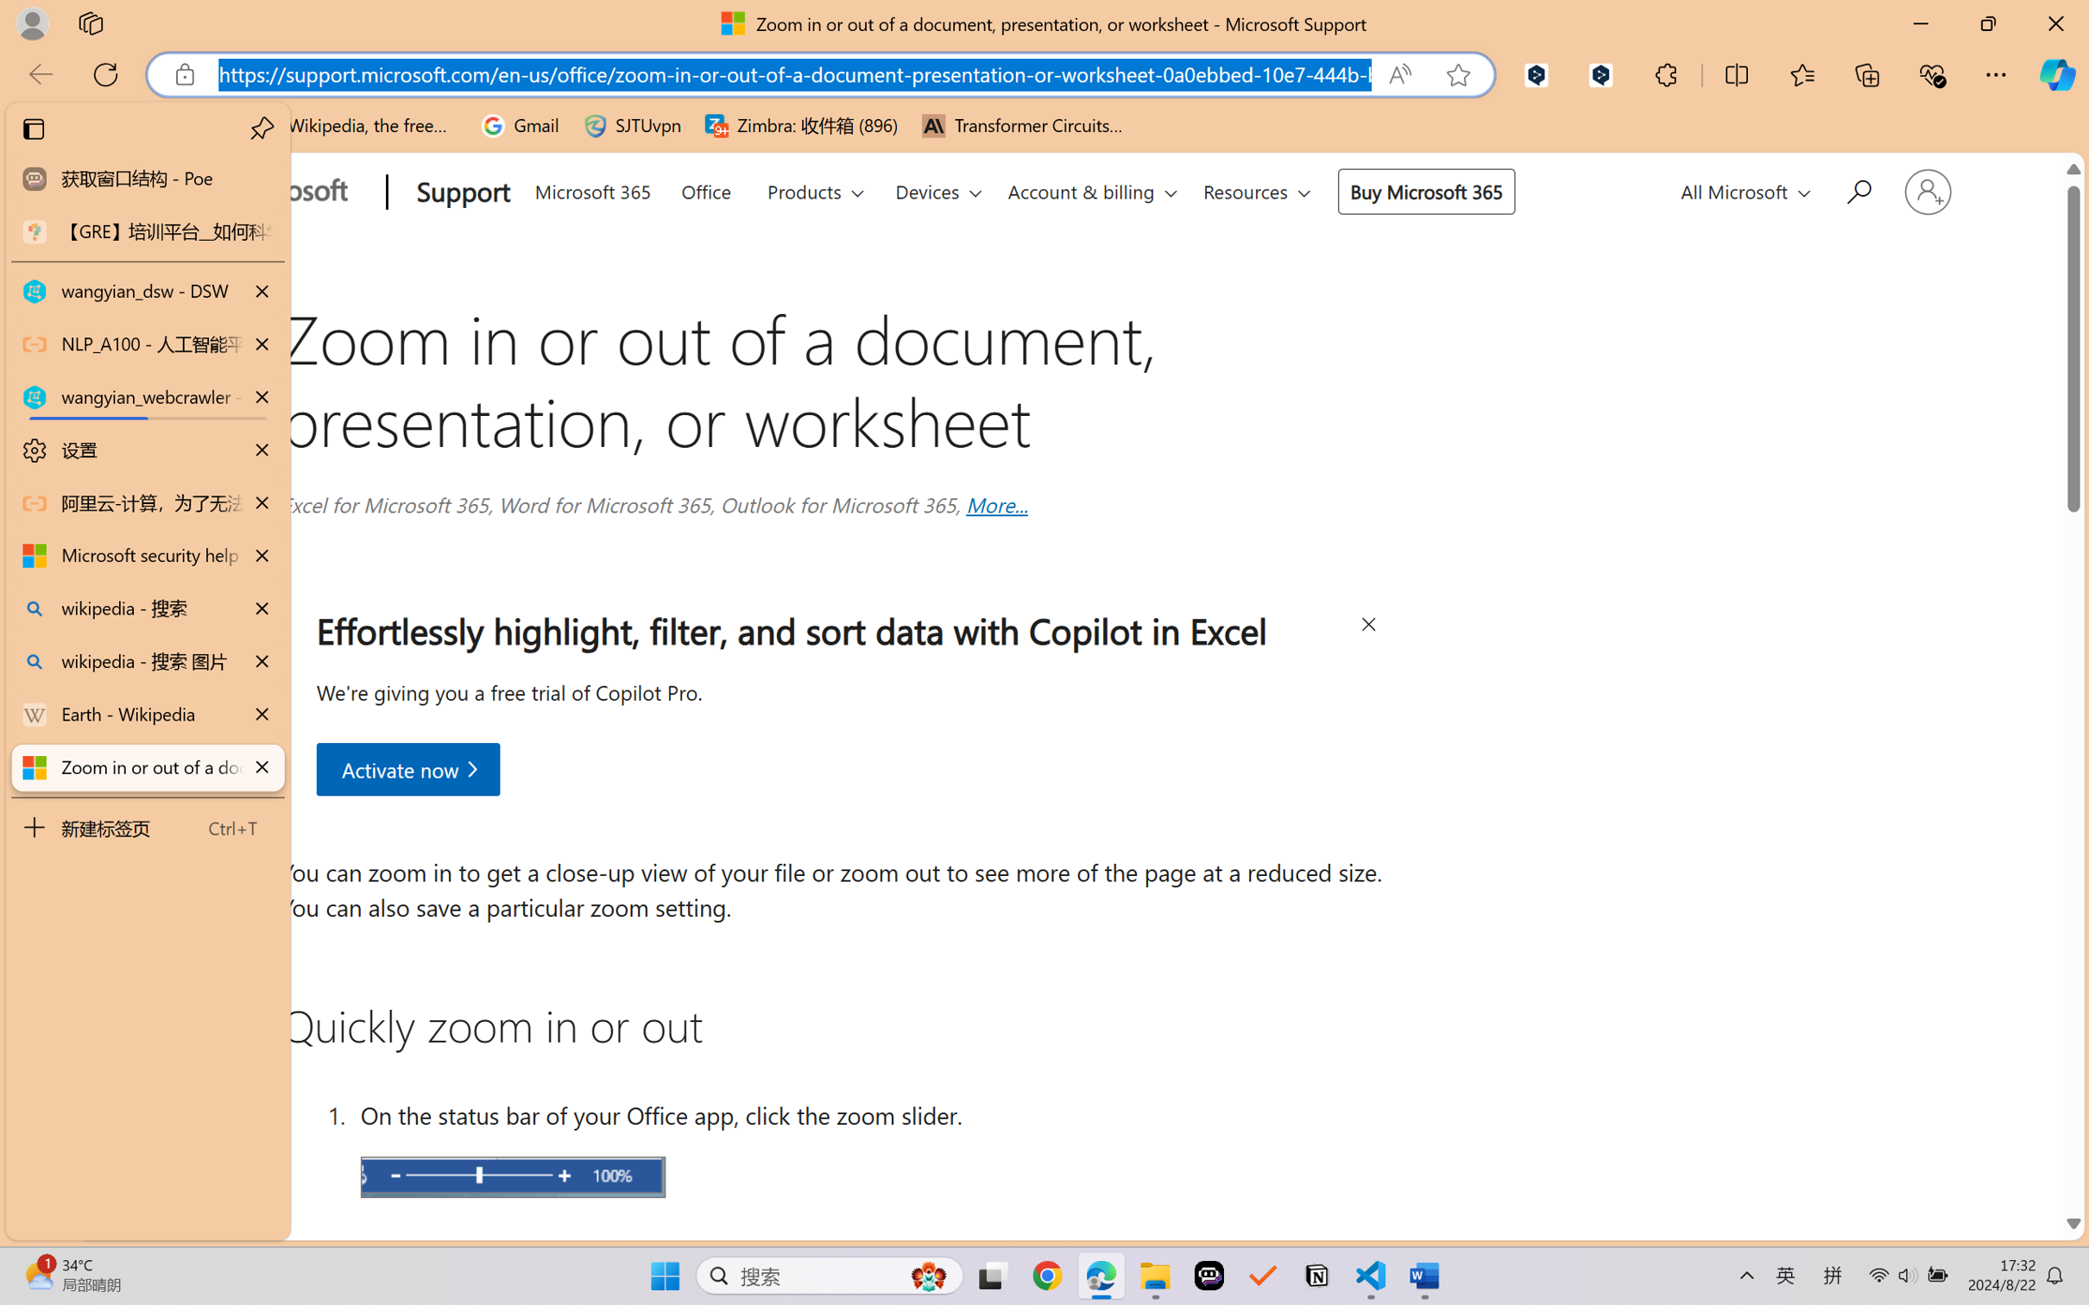 The image size is (2089, 1305). I want to click on 'Wikipedia, the free encyclopedia', so click(355, 125).